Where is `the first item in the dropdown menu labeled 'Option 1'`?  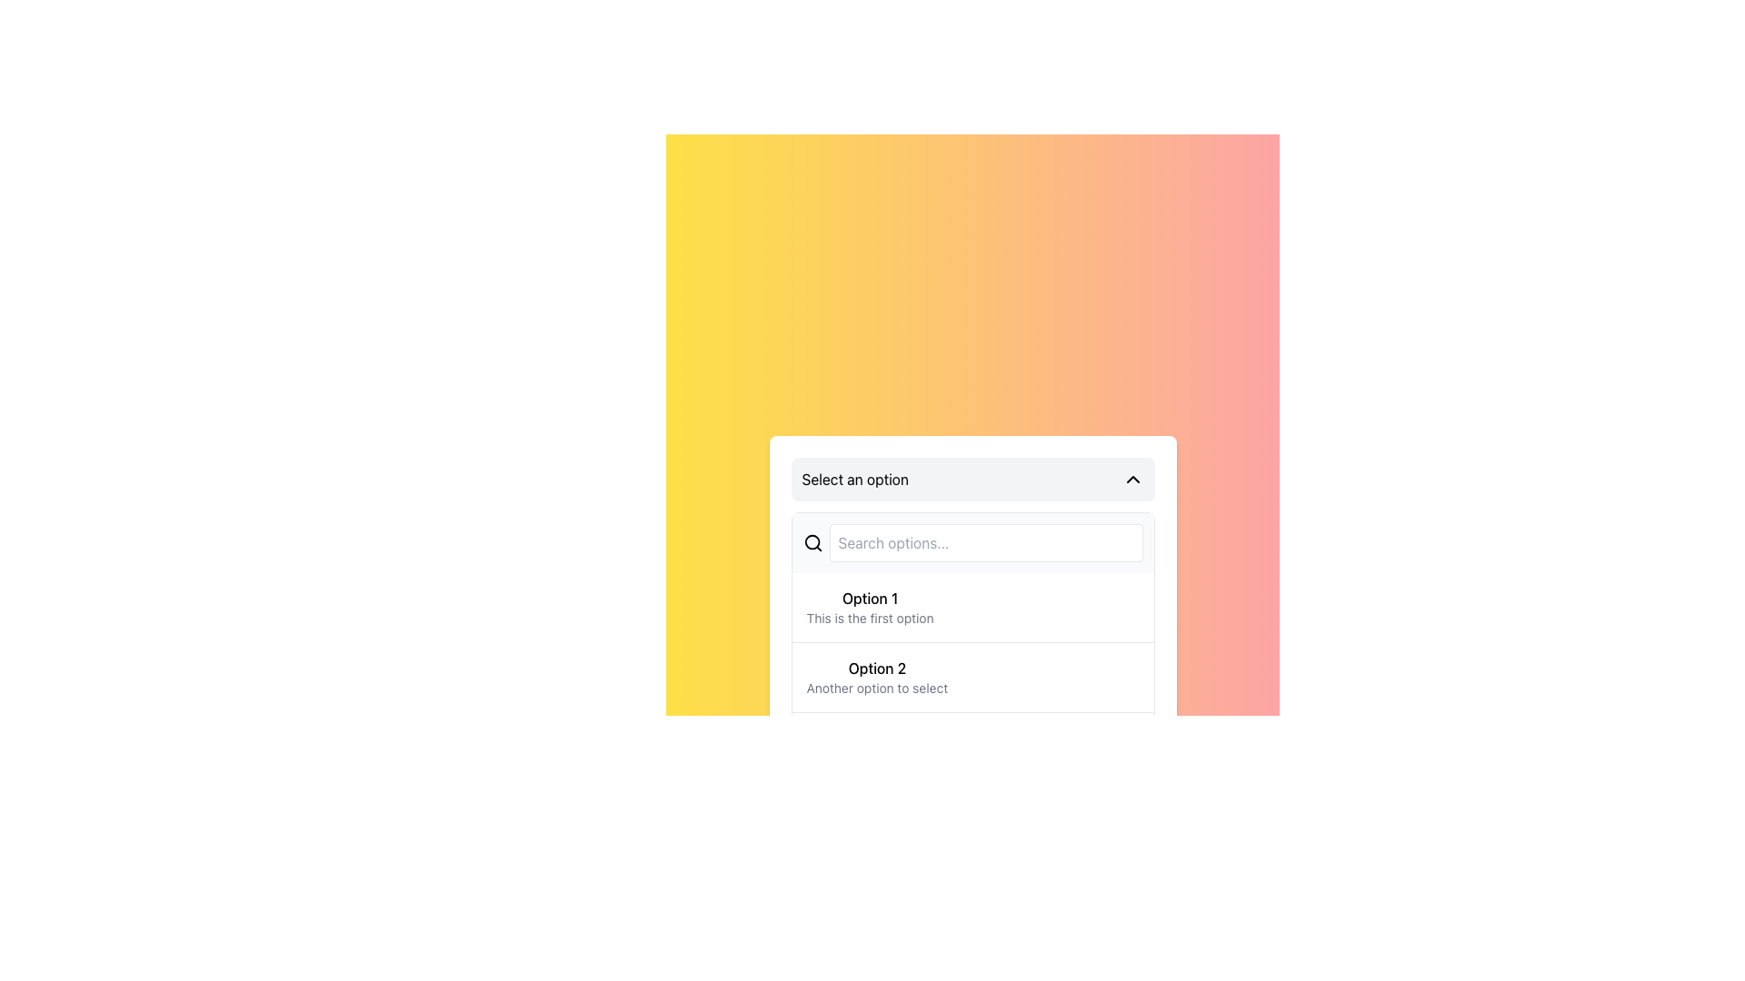 the first item in the dropdown menu labeled 'Option 1' is located at coordinates (972, 607).